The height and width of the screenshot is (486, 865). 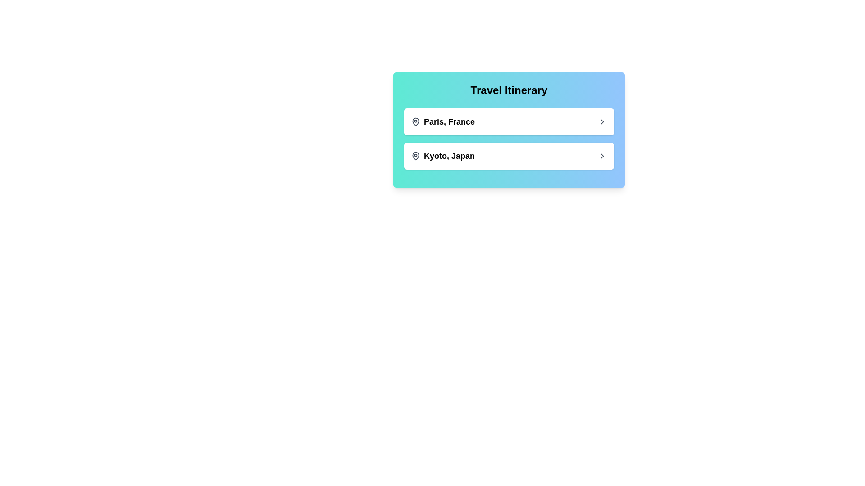 I want to click on the second travel itinerary option, so click(x=443, y=156).